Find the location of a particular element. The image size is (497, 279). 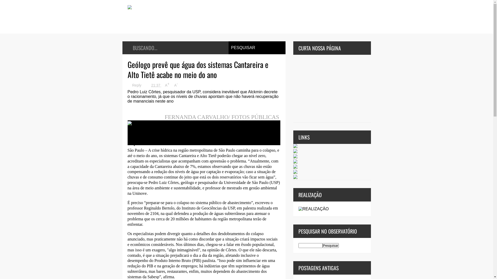

'21:37' is located at coordinates (146, 85).